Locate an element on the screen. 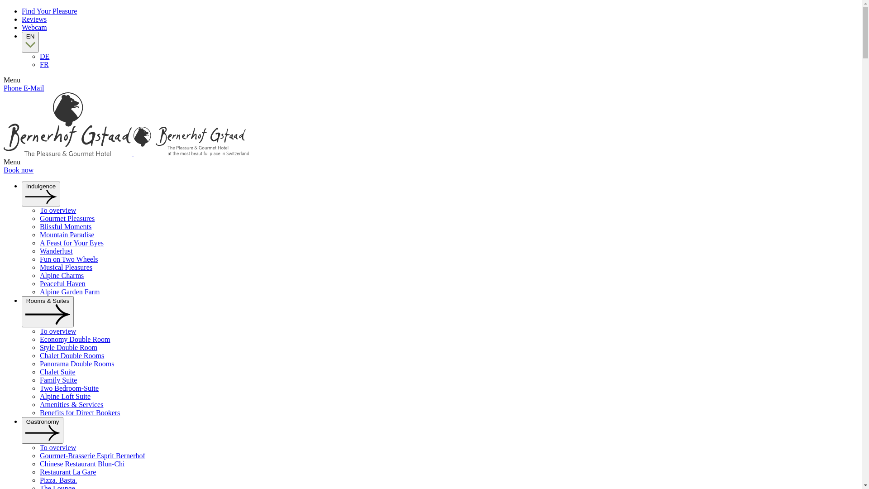 This screenshot has height=489, width=869. 'Alpine Charms' is located at coordinates (61, 275).